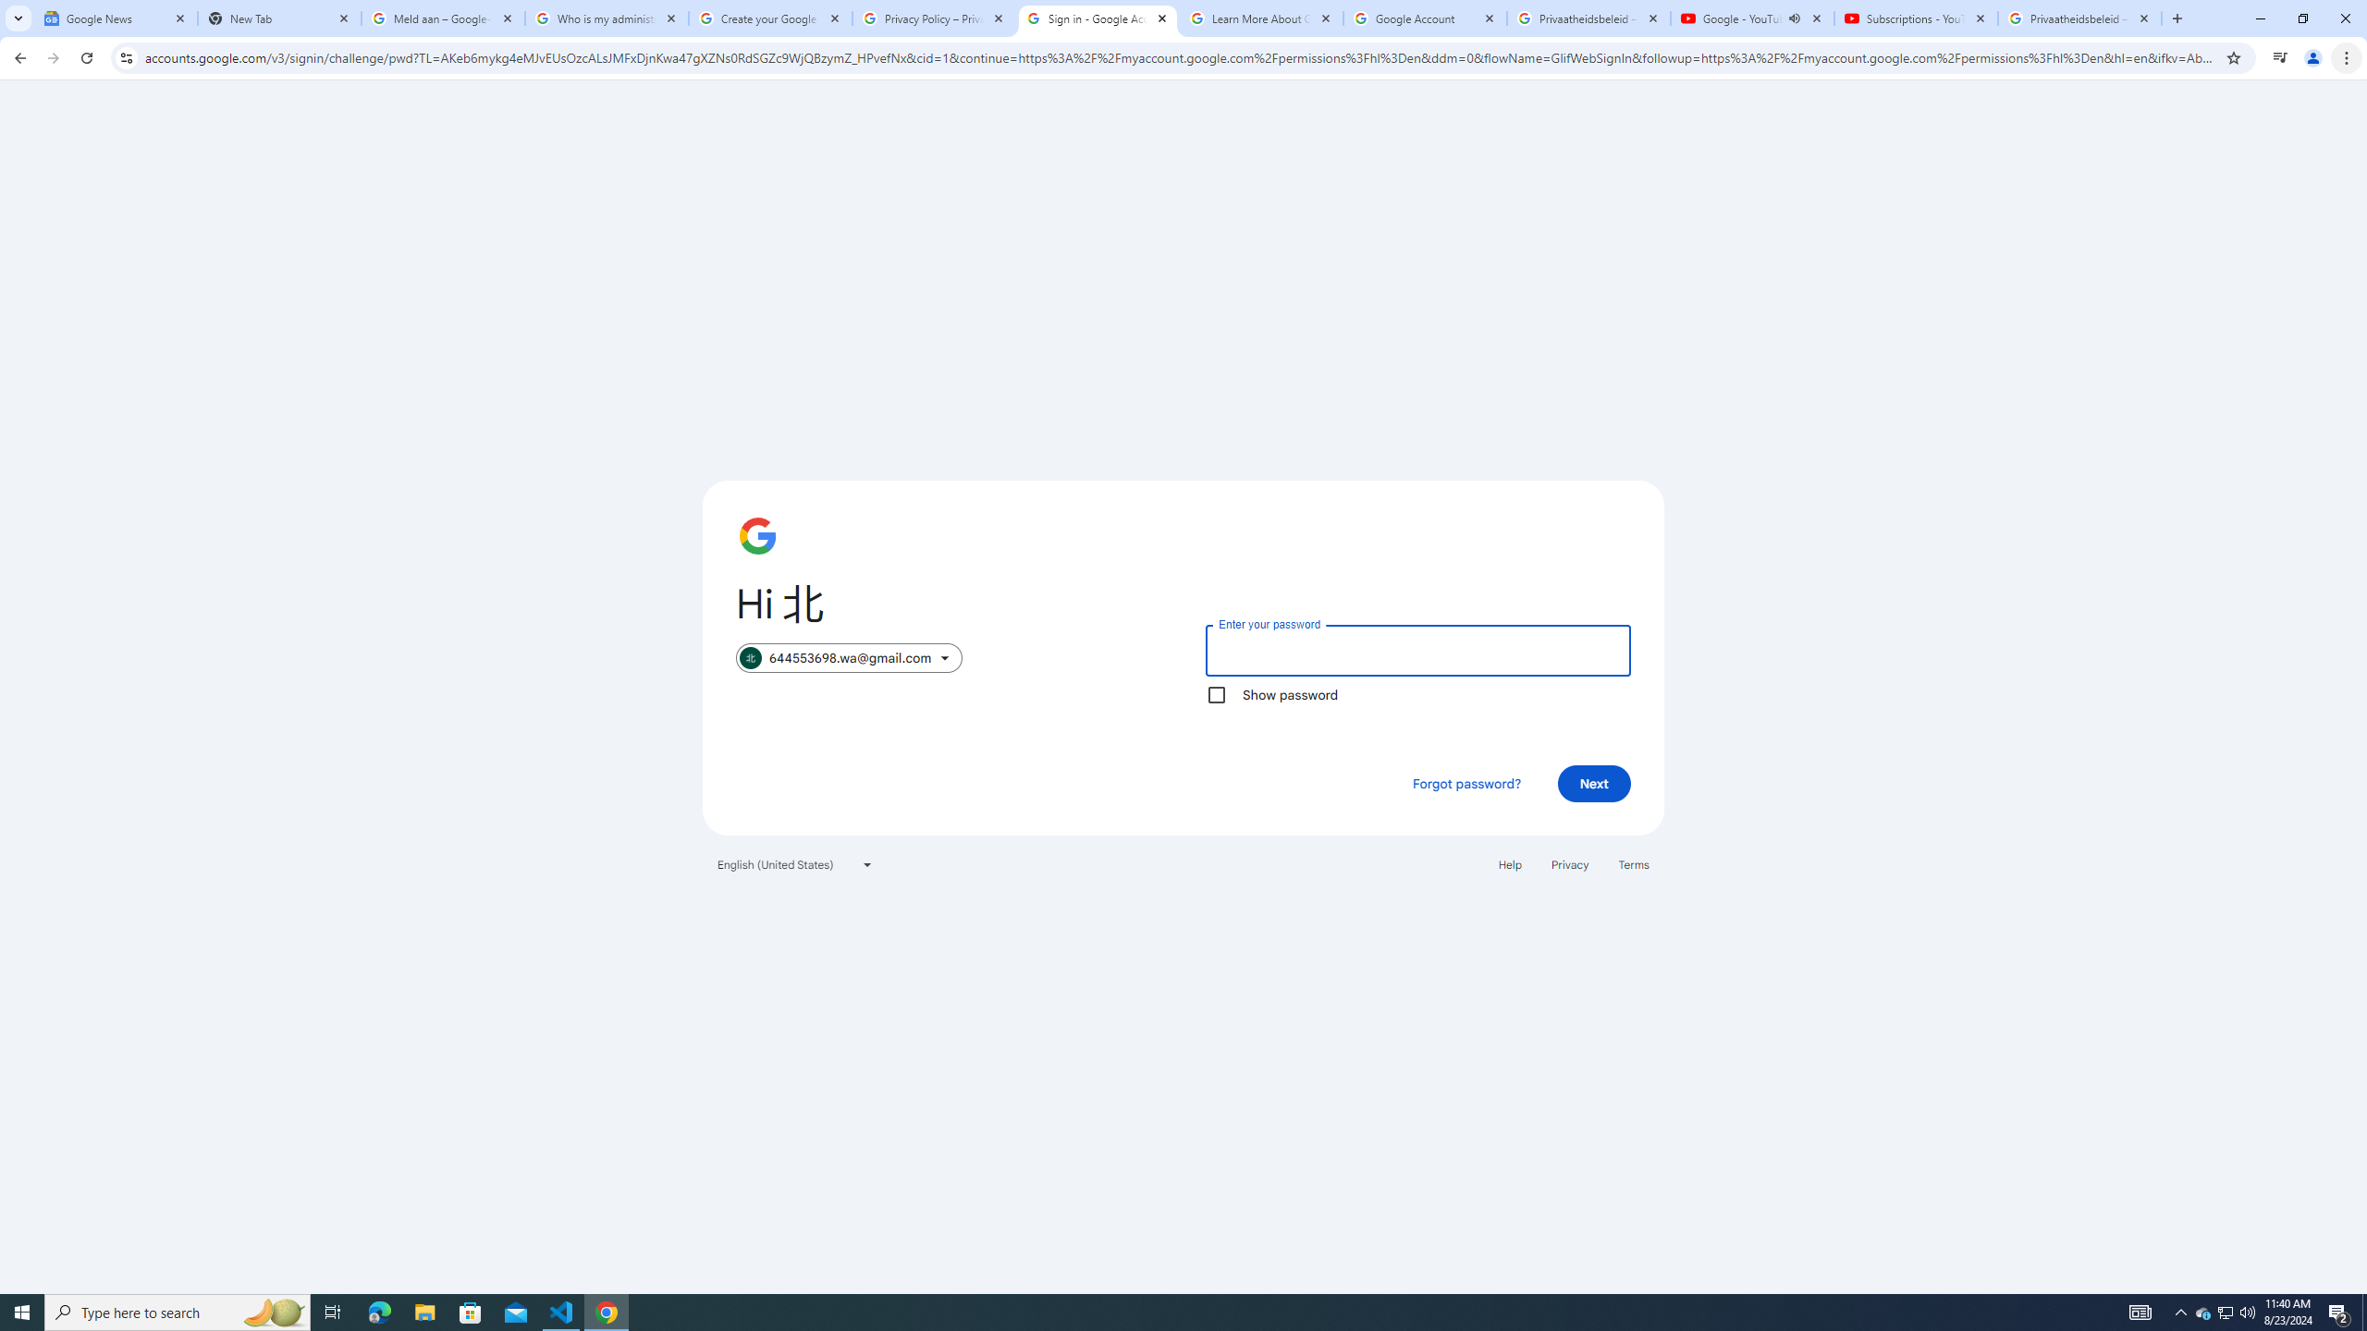 The height and width of the screenshot is (1331, 2367). I want to click on 'Forgot password?', so click(1466, 782).